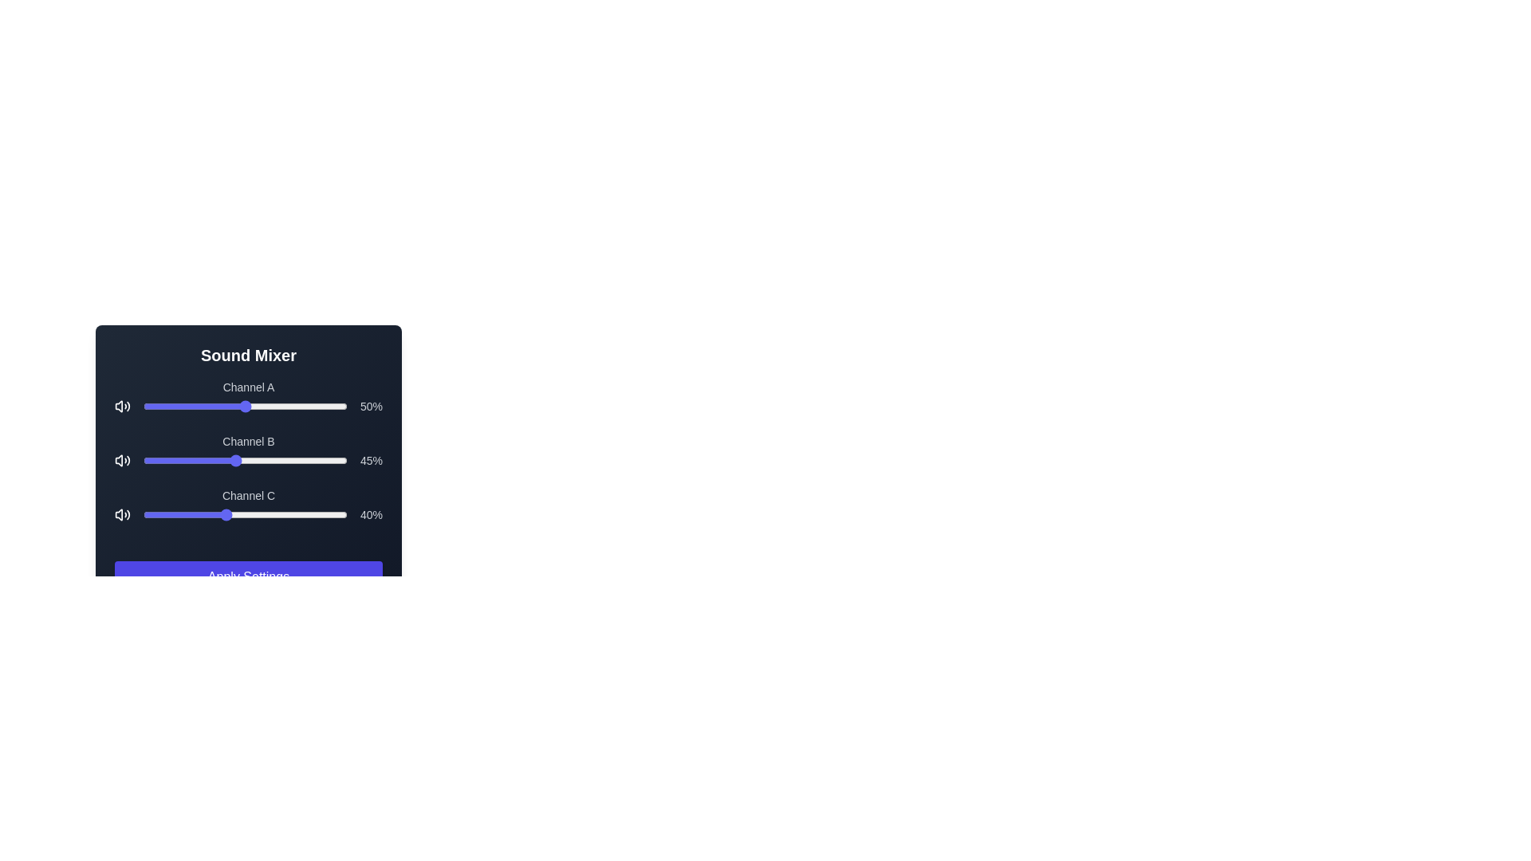 The image size is (1531, 861). I want to click on the Channel B volume, so click(234, 461).